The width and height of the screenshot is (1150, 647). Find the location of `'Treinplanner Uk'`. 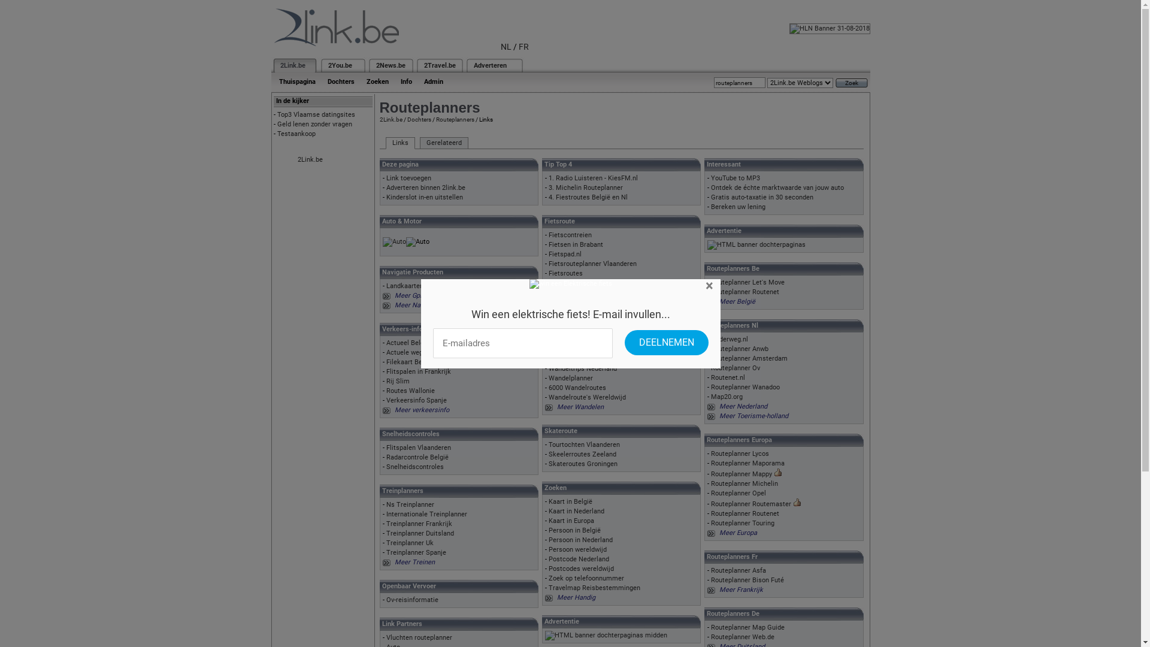

'Treinplanner Uk' is located at coordinates (409, 543).